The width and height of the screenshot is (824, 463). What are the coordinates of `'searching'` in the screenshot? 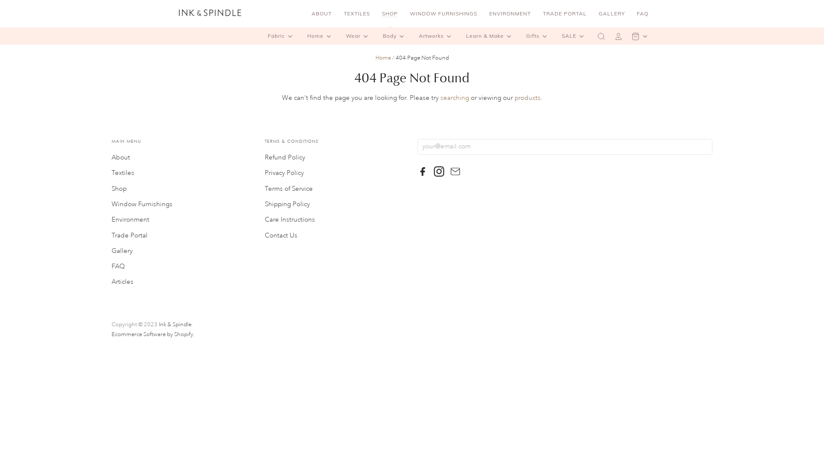 It's located at (440, 97).